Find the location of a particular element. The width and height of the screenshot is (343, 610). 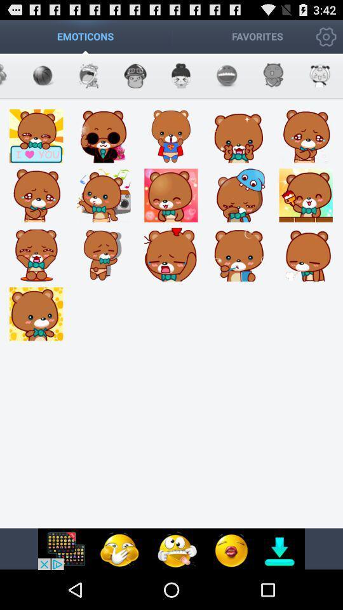

the globe icon is located at coordinates (134, 80).